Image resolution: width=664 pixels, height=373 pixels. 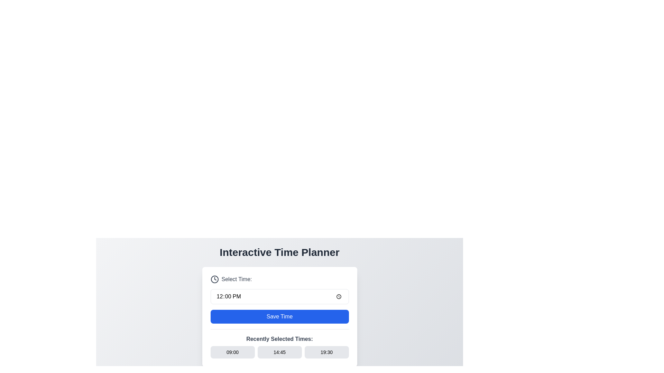 What do you see at coordinates (279, 317) in the screenshot?
I see `the 'Save Time' button, which is a bright blue rectangular button with white text located beneath a time selection input field` at bounding box center [279, 317].